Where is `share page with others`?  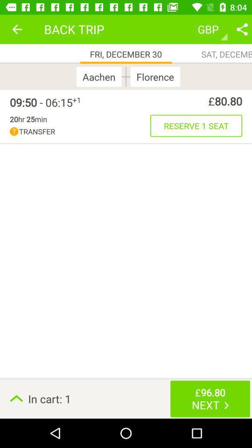 share page with others is located at coordinates (242, 29).